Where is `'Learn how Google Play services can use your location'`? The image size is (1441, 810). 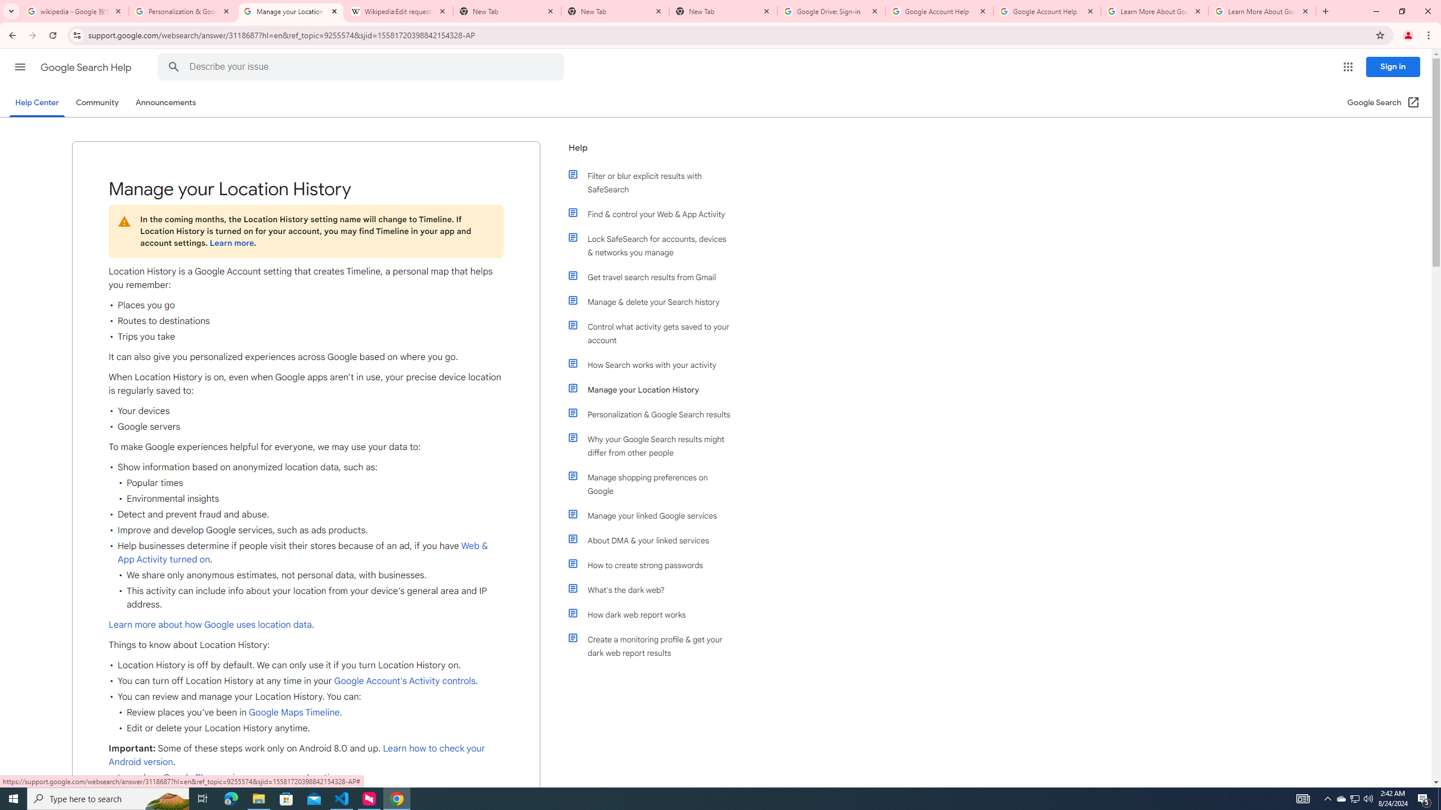
'Learn how Google Play services can use your location' is located at coordinates (229, 777).